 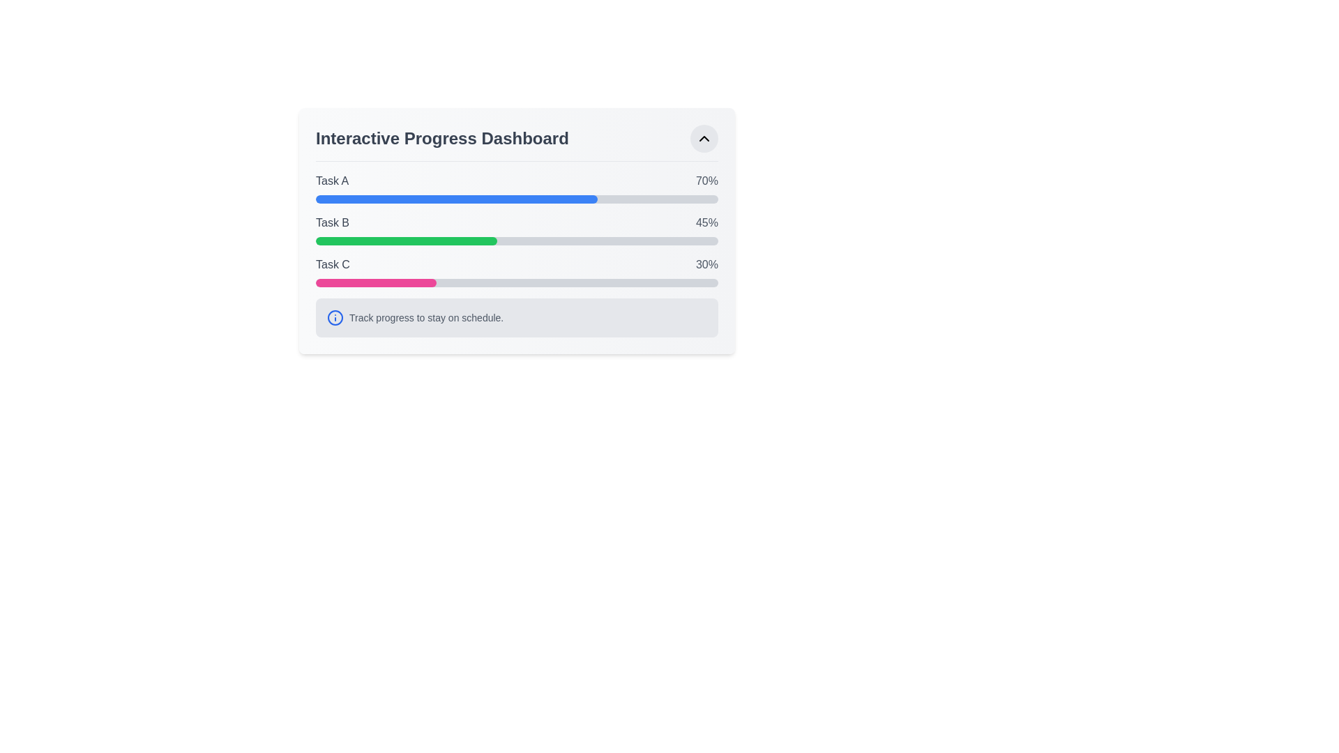 I want to click on the static text label indicating the completion percentage of Task A, which is positioned in the top-right region of the progress bar section, aligned with the label 'Task A' and its blue progress bar, so click(x=706, y=180).